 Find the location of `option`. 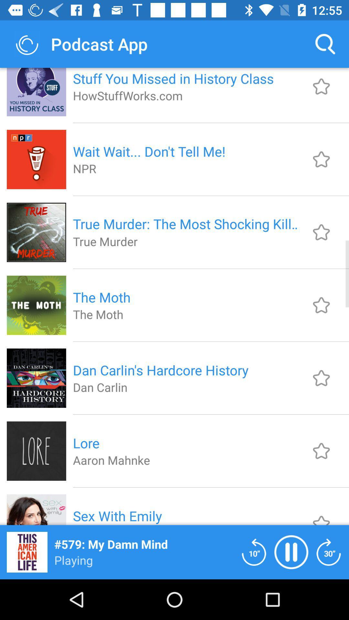

option is located at coordinates (321, 86).